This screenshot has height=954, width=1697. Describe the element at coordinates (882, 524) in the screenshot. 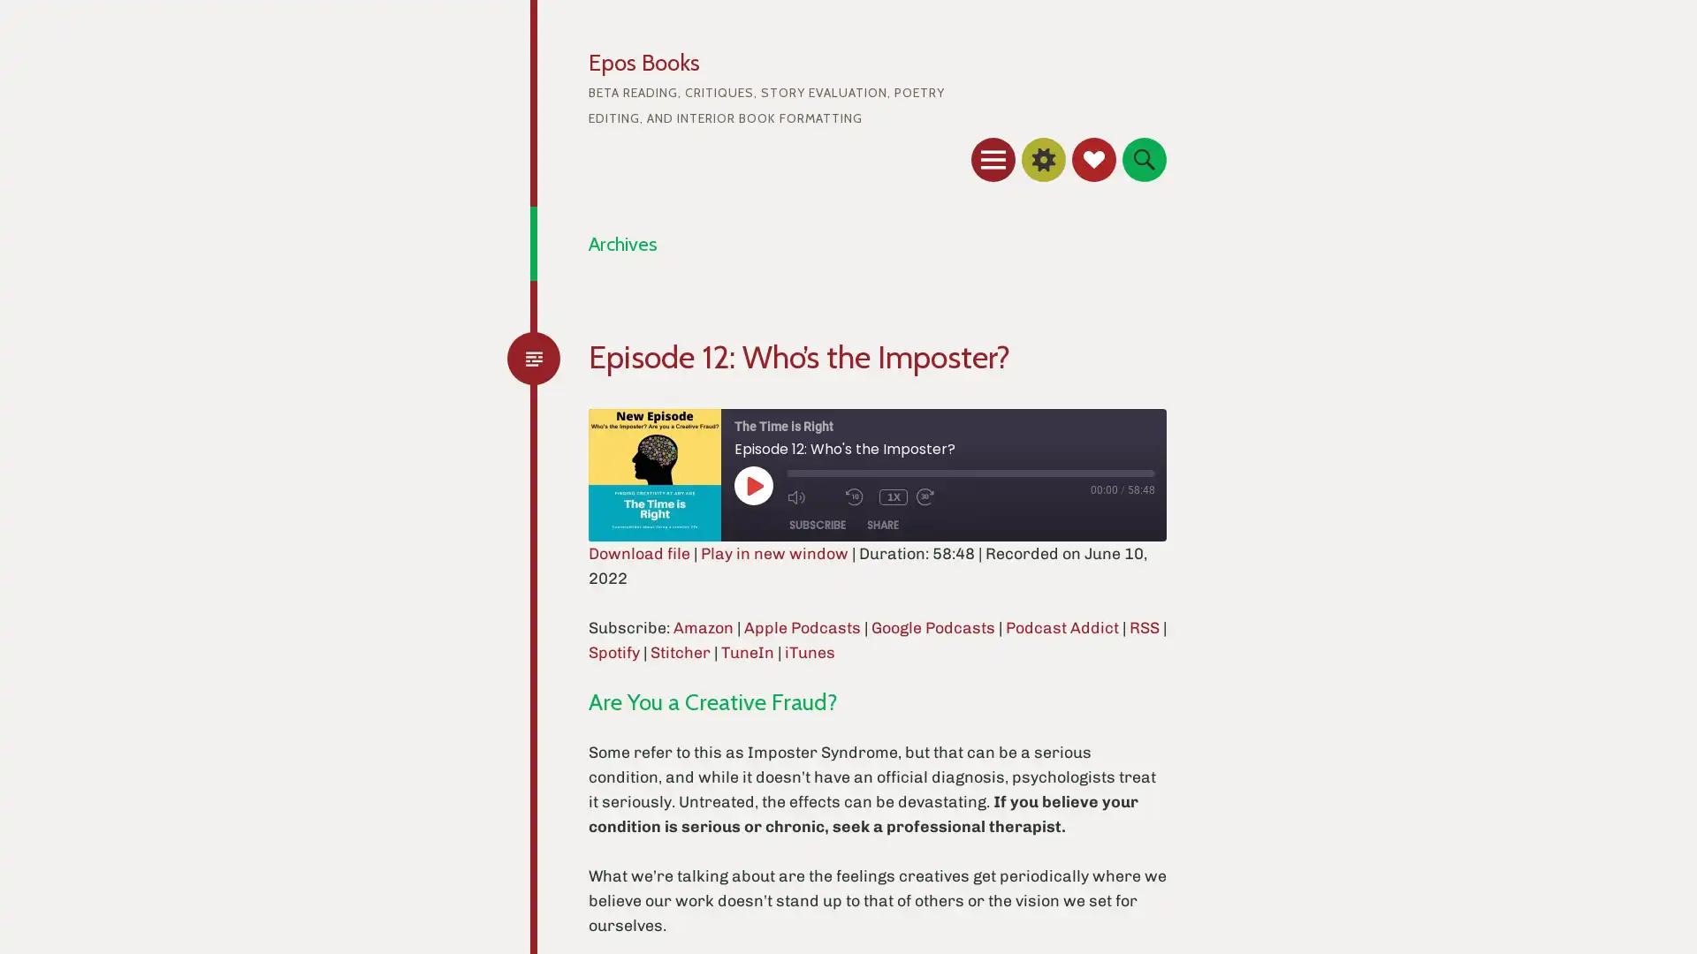

I see `SHARE` at that location.